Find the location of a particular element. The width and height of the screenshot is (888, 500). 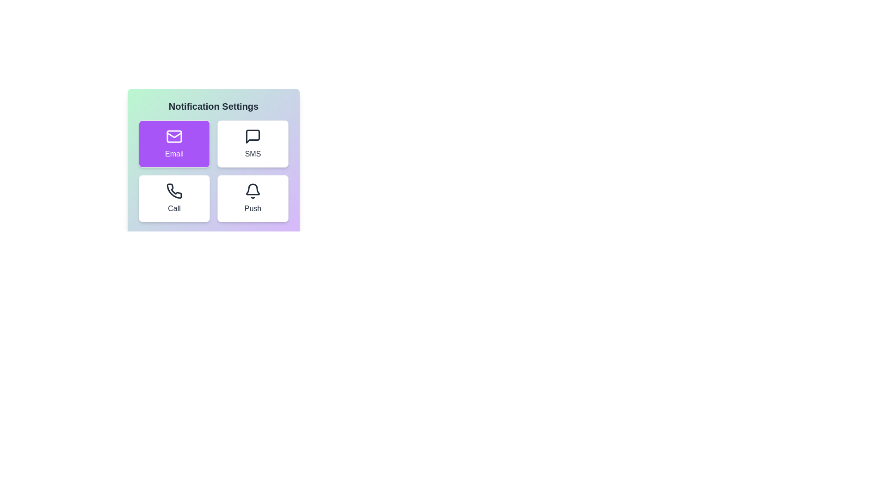

the Push notification button to observe the hover effect is located at coordinates (253, 198).